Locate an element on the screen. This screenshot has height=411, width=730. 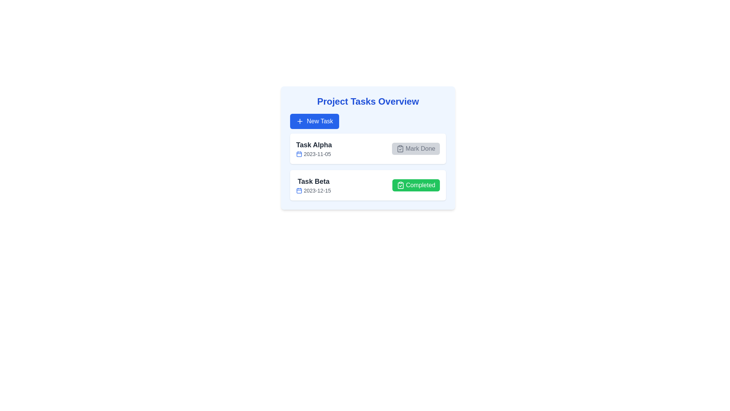
rounded rectangle element representing a calendar icon adjacent to the 'Task Beta' label in the task list UI for development purposes is located at coordinates (299, 190).